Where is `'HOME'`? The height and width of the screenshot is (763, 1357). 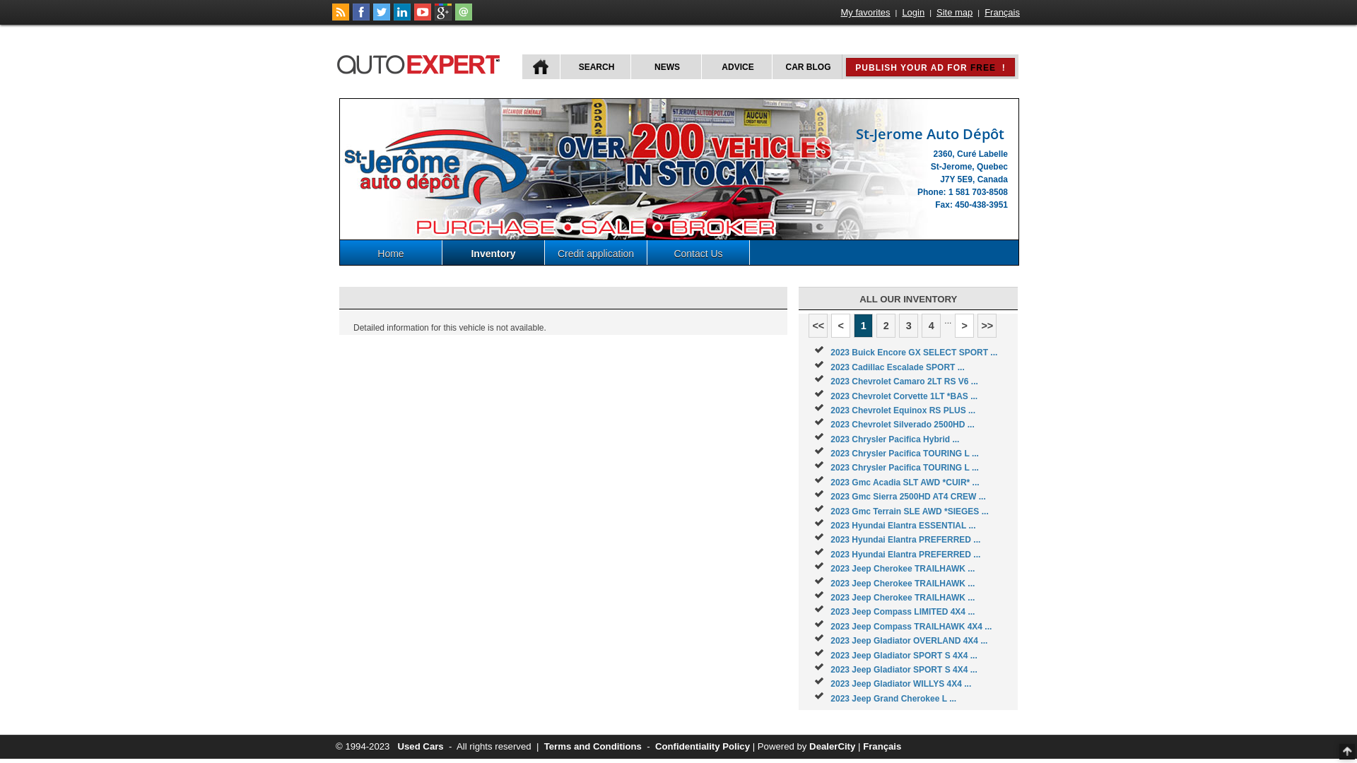
'HOME' is located at coordinates (540, 66).